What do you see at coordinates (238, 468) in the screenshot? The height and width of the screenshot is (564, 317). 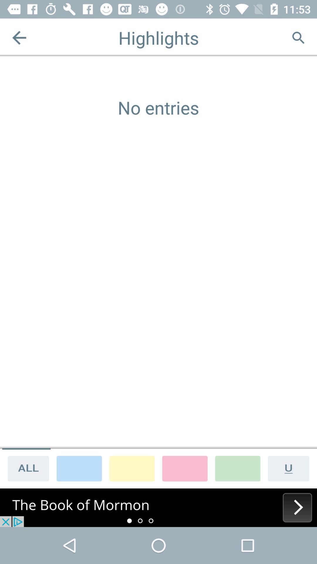 I see `click background color` at bounding box center [238, 468].